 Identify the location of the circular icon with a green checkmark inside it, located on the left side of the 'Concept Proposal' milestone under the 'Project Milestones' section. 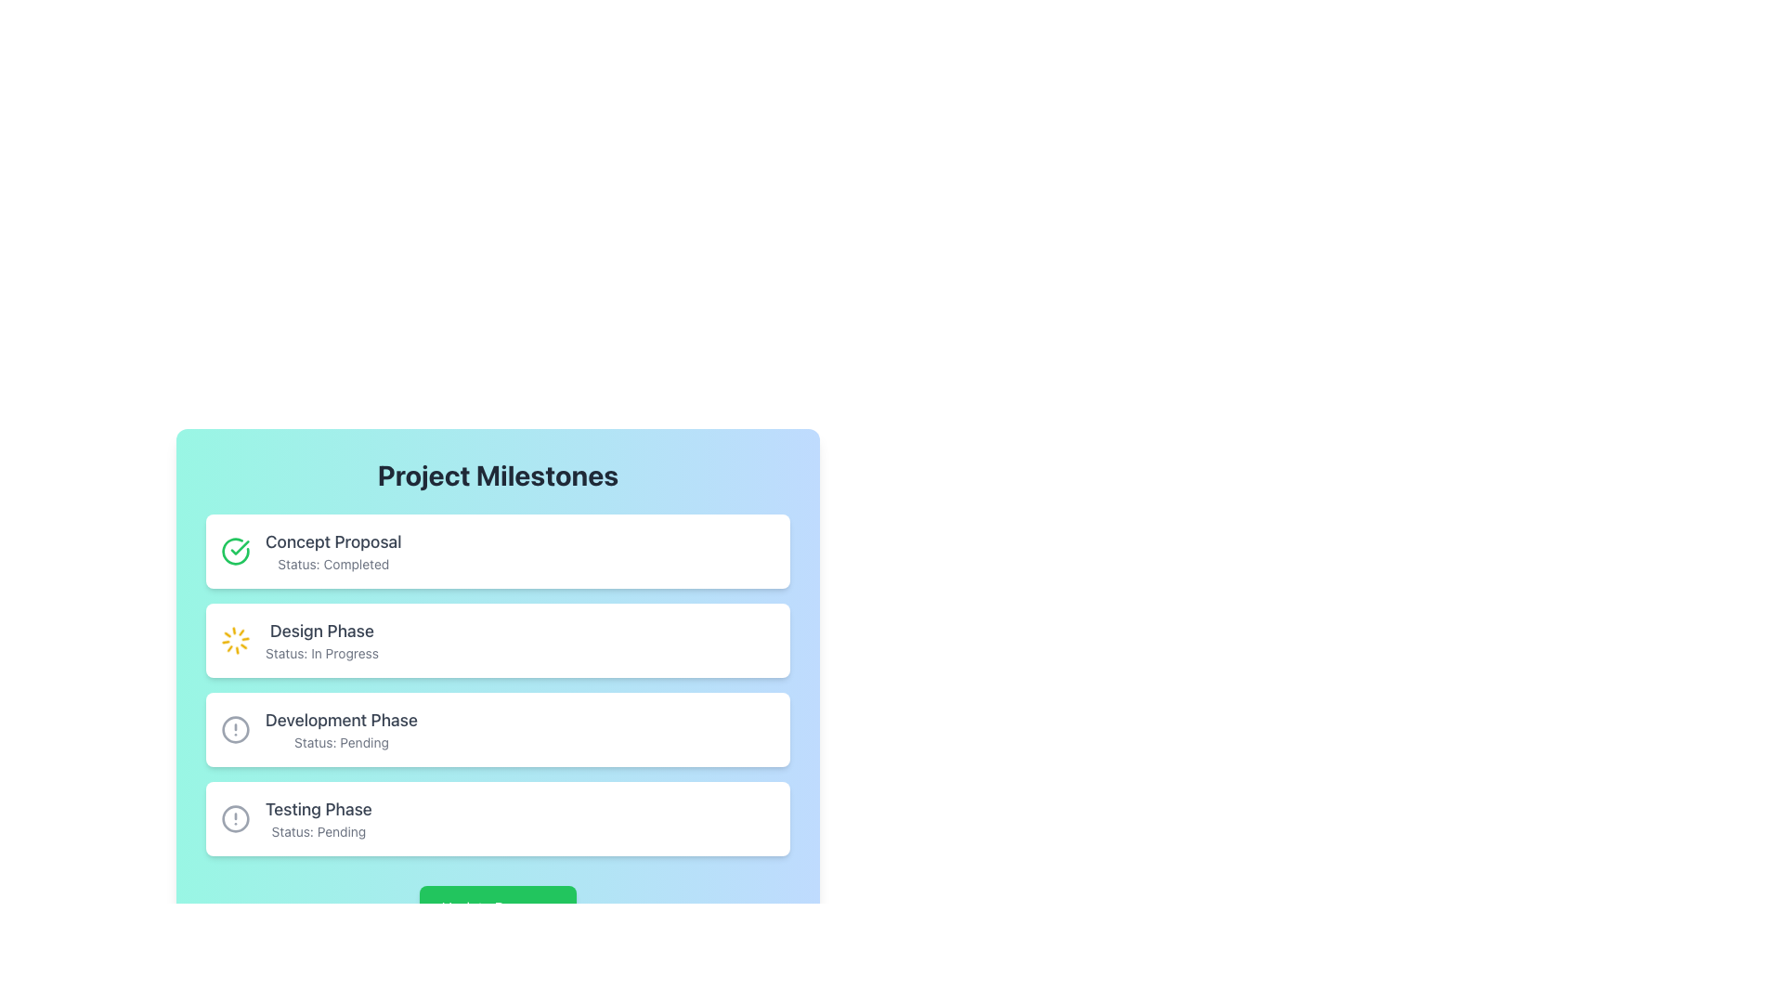
(235, 551).